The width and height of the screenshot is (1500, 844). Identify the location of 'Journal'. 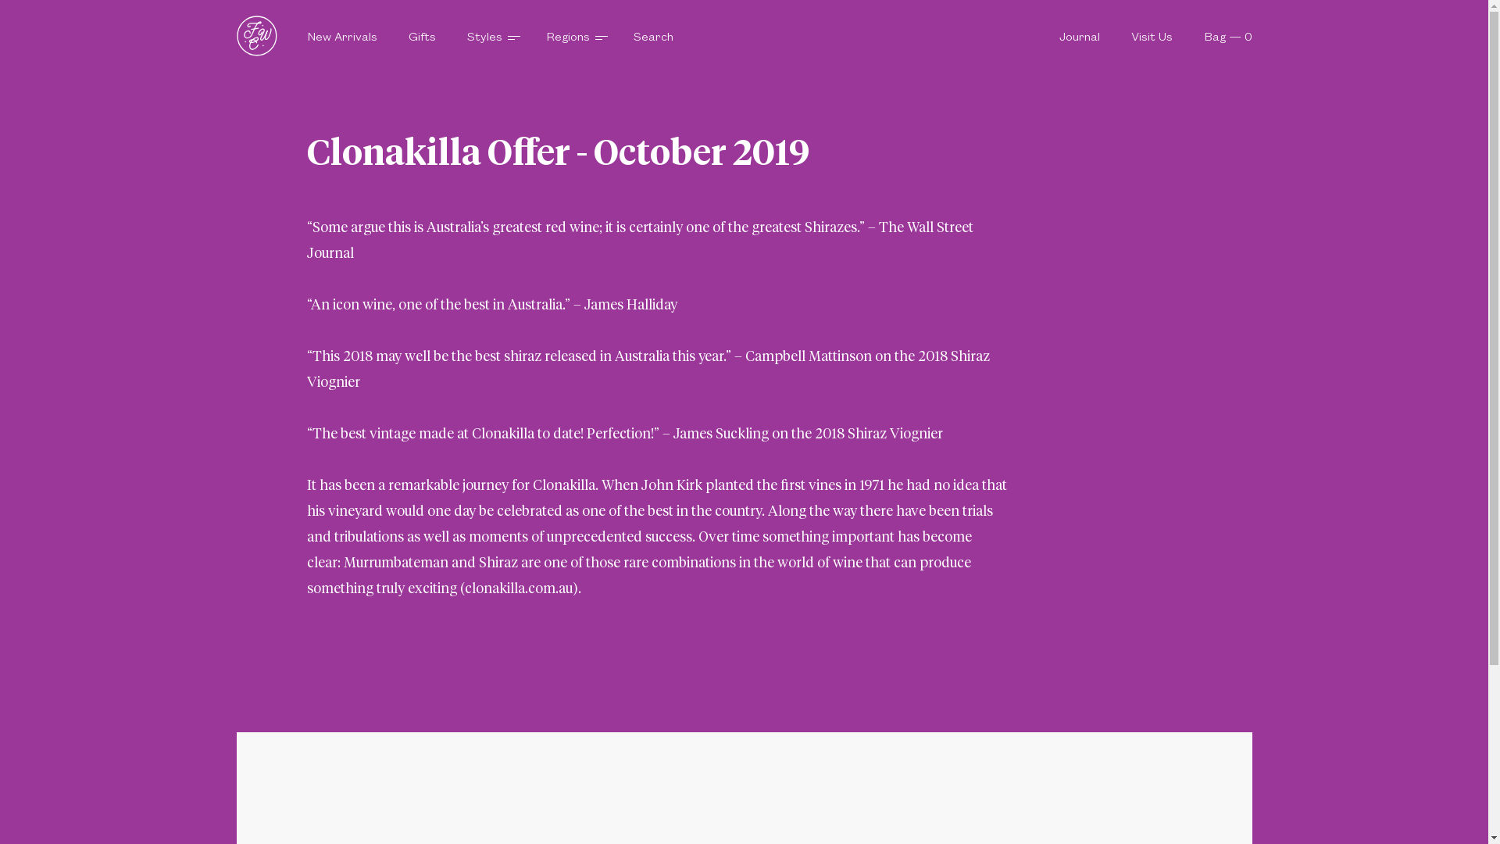
(1079, 35).